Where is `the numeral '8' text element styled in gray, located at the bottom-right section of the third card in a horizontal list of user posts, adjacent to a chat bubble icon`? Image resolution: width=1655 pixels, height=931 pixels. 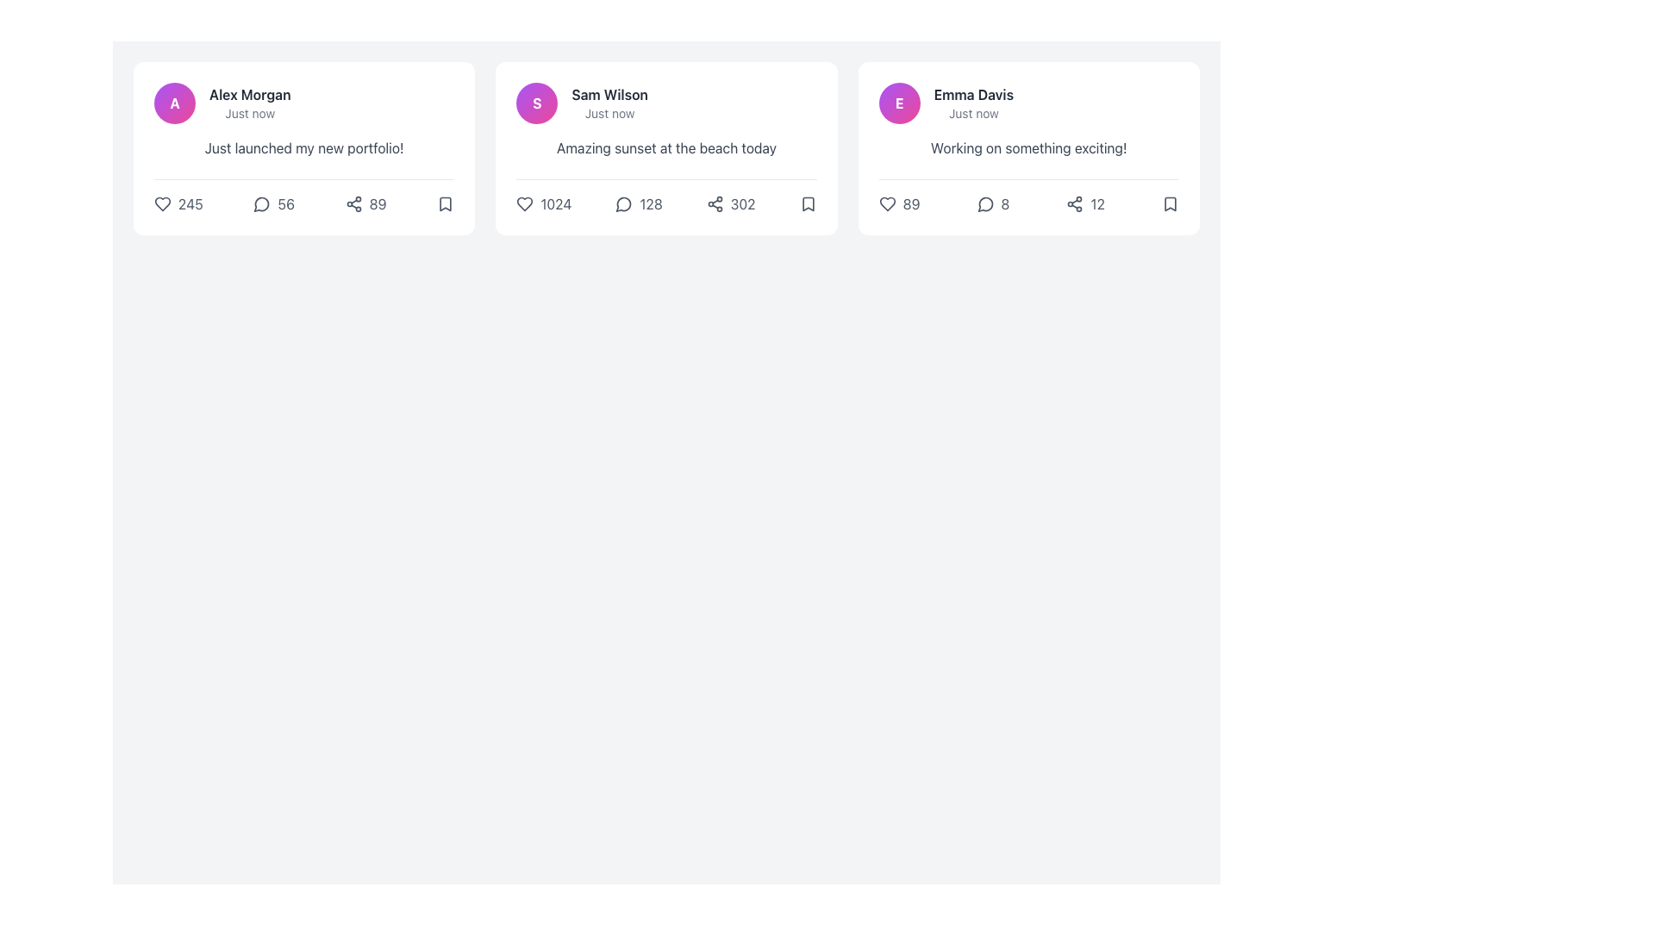
the numeral '8' text element styled in gray, located at the bottom-right section of the third card in a horizontal list of user posts, adjacent to a chat bubble icon is located at coordinates (1005, 203).